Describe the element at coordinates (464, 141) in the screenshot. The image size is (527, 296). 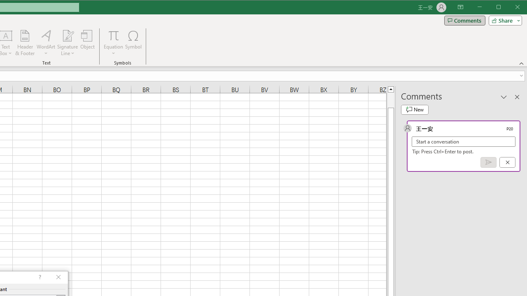
I see `'Start a conversation'` at that location.